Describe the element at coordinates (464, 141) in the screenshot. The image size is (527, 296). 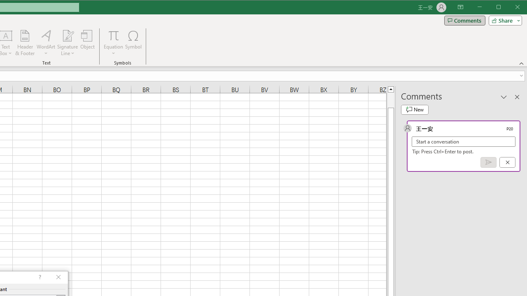
I see `'Start a conversation'` at that location.